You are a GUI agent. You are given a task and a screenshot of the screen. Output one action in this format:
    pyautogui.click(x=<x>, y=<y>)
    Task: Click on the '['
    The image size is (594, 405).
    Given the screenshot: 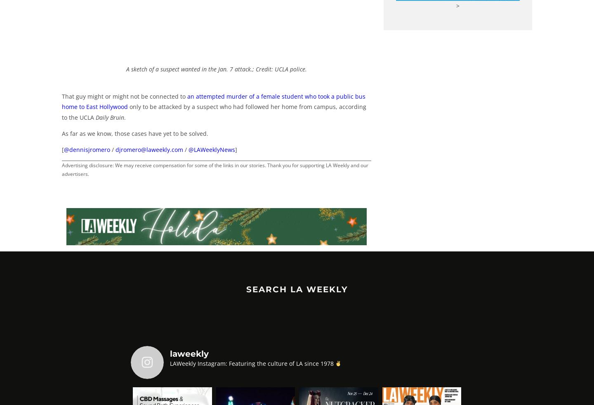 What is the action you would take?
    pyautogui.click(x=62, y=149)
    